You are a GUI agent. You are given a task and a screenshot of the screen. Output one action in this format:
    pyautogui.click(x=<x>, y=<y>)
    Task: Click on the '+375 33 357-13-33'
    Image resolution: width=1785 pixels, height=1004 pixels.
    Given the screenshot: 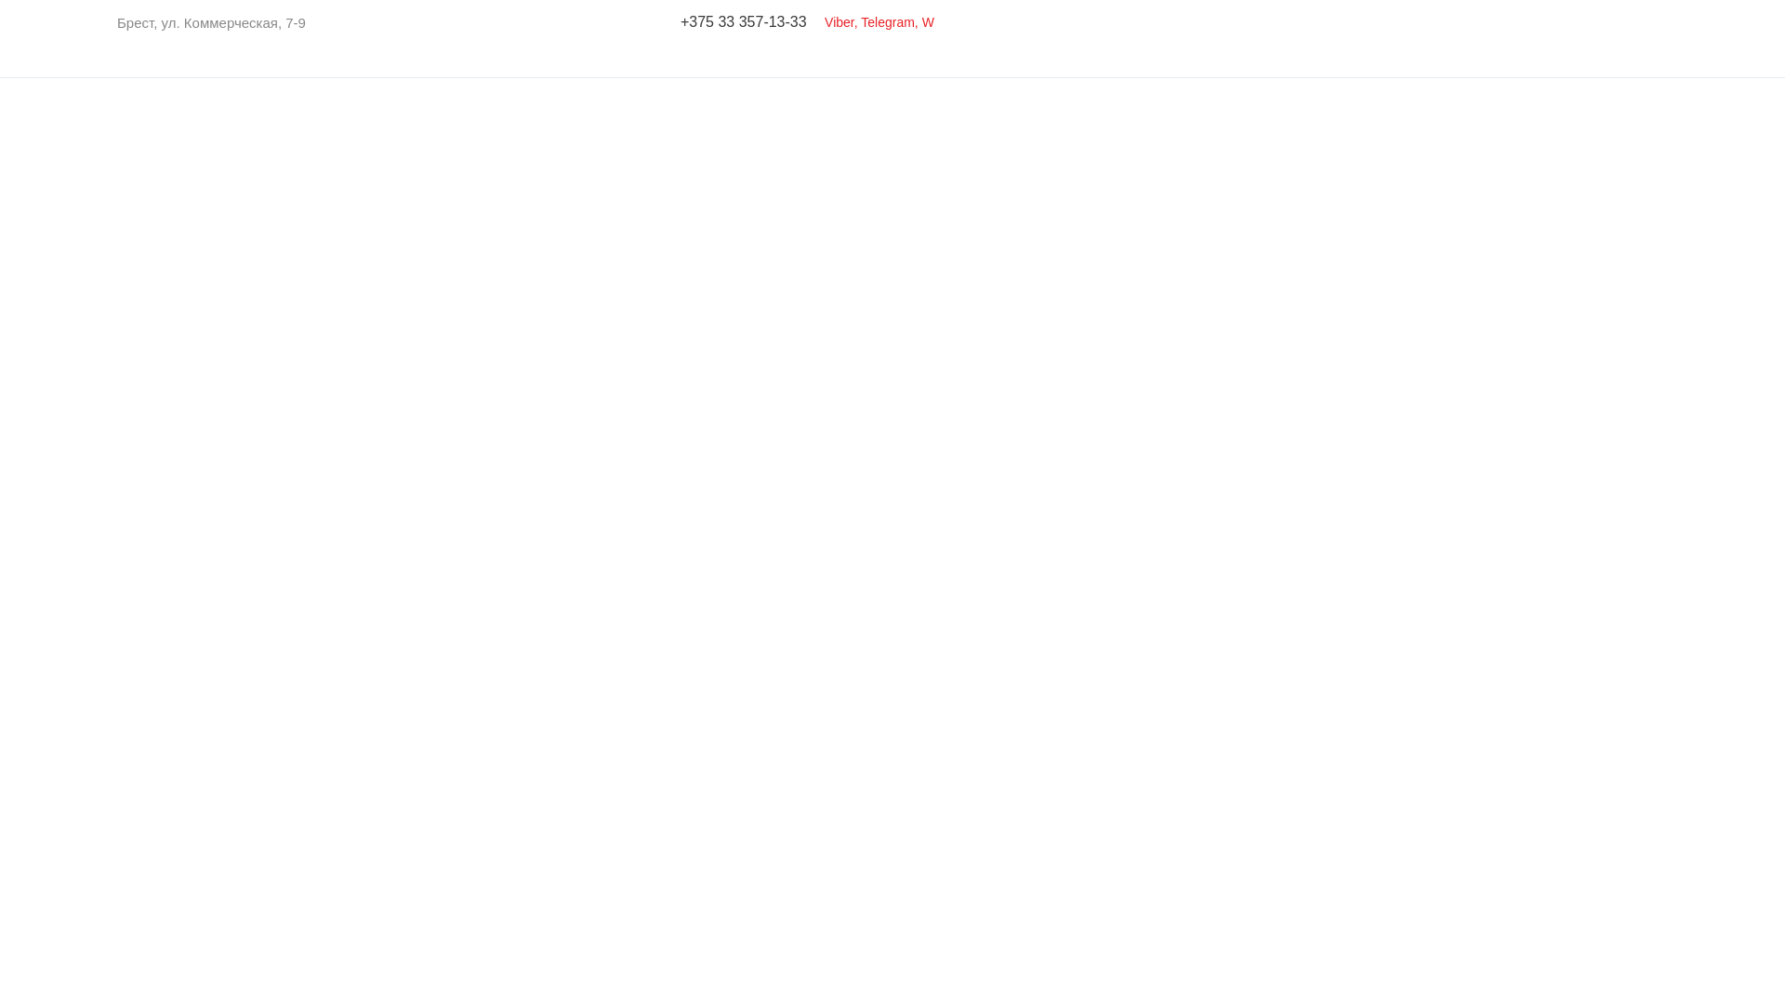 What is the action you would take?
    pyautogui.click(x=744, y=21)
    